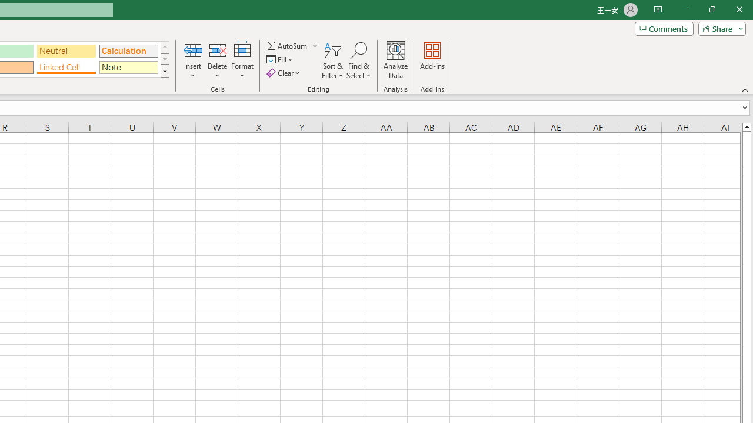 The height and width of the screenshot is (423, 753). What do you see at coordinates (664, 28) in the screenshot?
I see `'Comments'` at bounding box center [664, 28].